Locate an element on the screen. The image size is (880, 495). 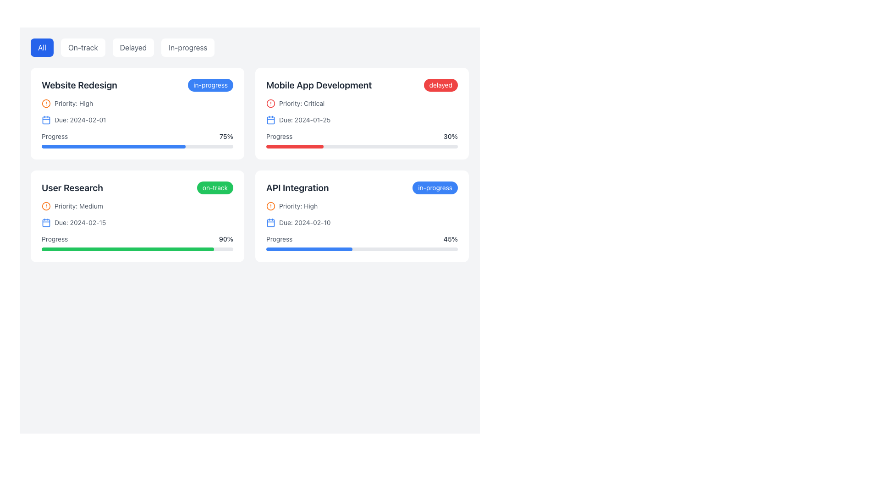
the calendar icon located in the 'Mobile App Development' card is located at coordinates (270, 120).